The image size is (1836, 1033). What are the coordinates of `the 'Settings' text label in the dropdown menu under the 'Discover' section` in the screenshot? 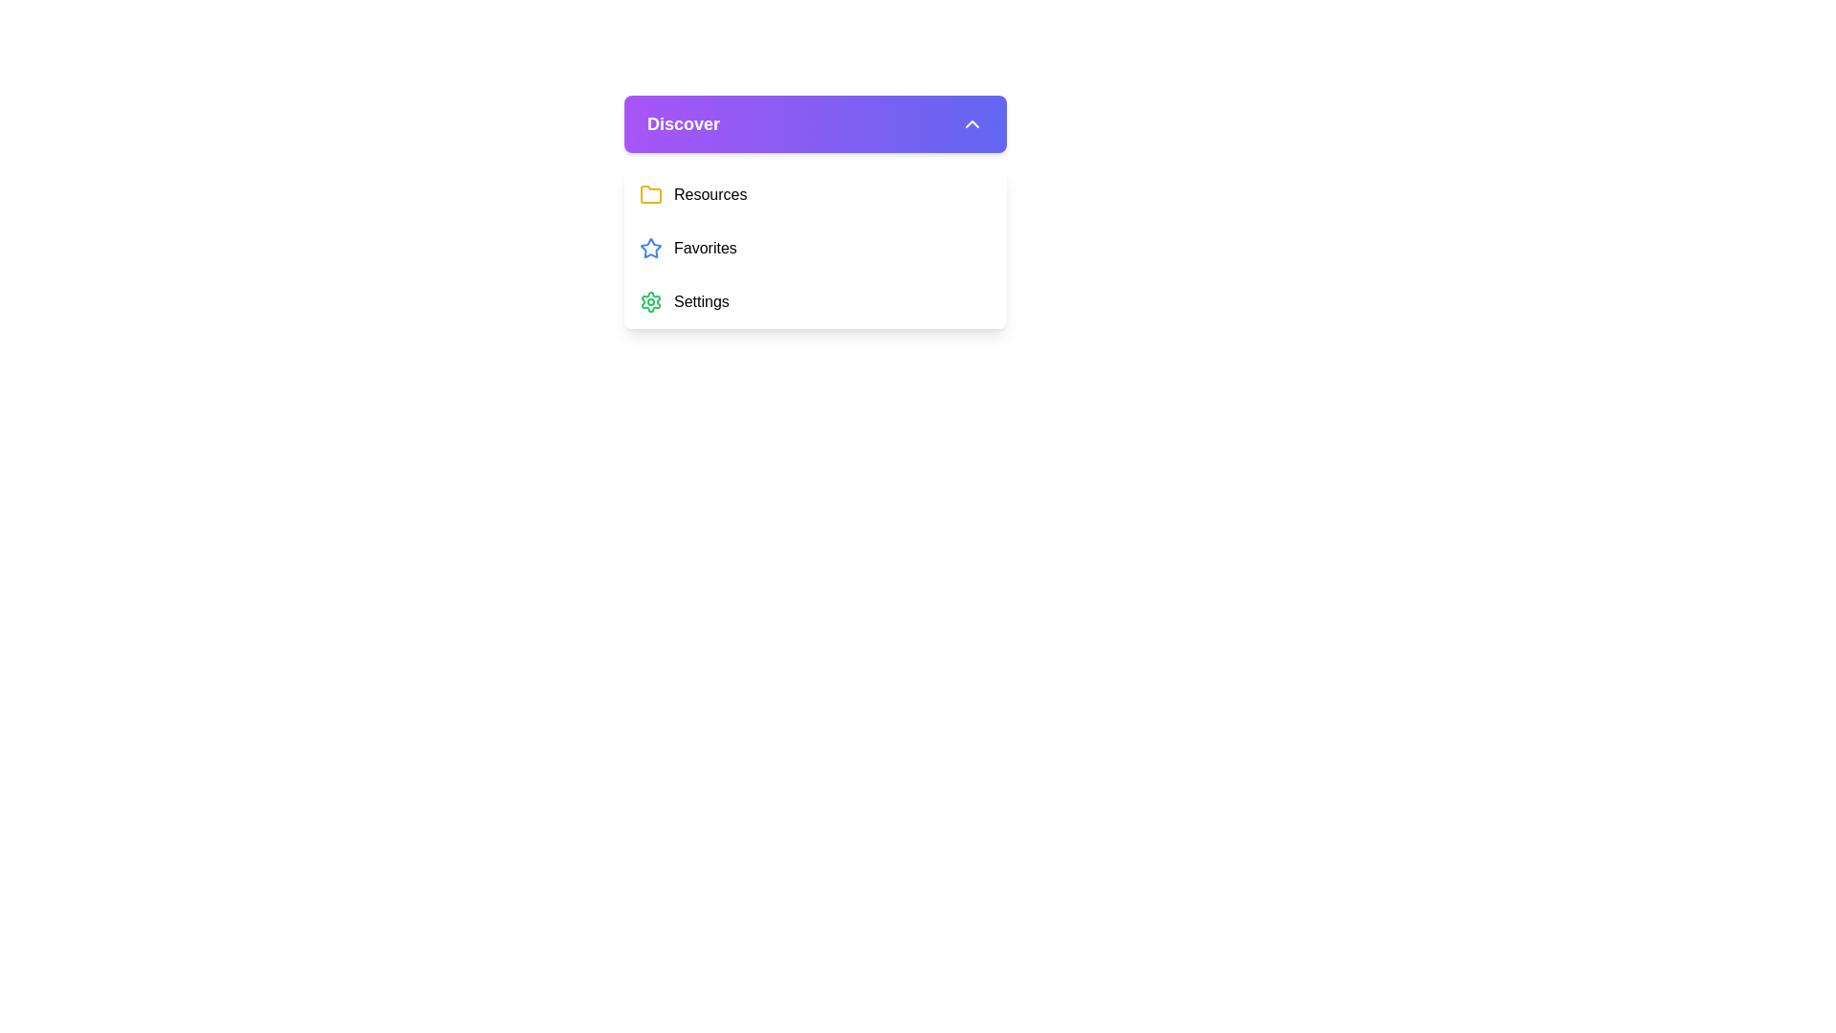 It's located at (700, 301).